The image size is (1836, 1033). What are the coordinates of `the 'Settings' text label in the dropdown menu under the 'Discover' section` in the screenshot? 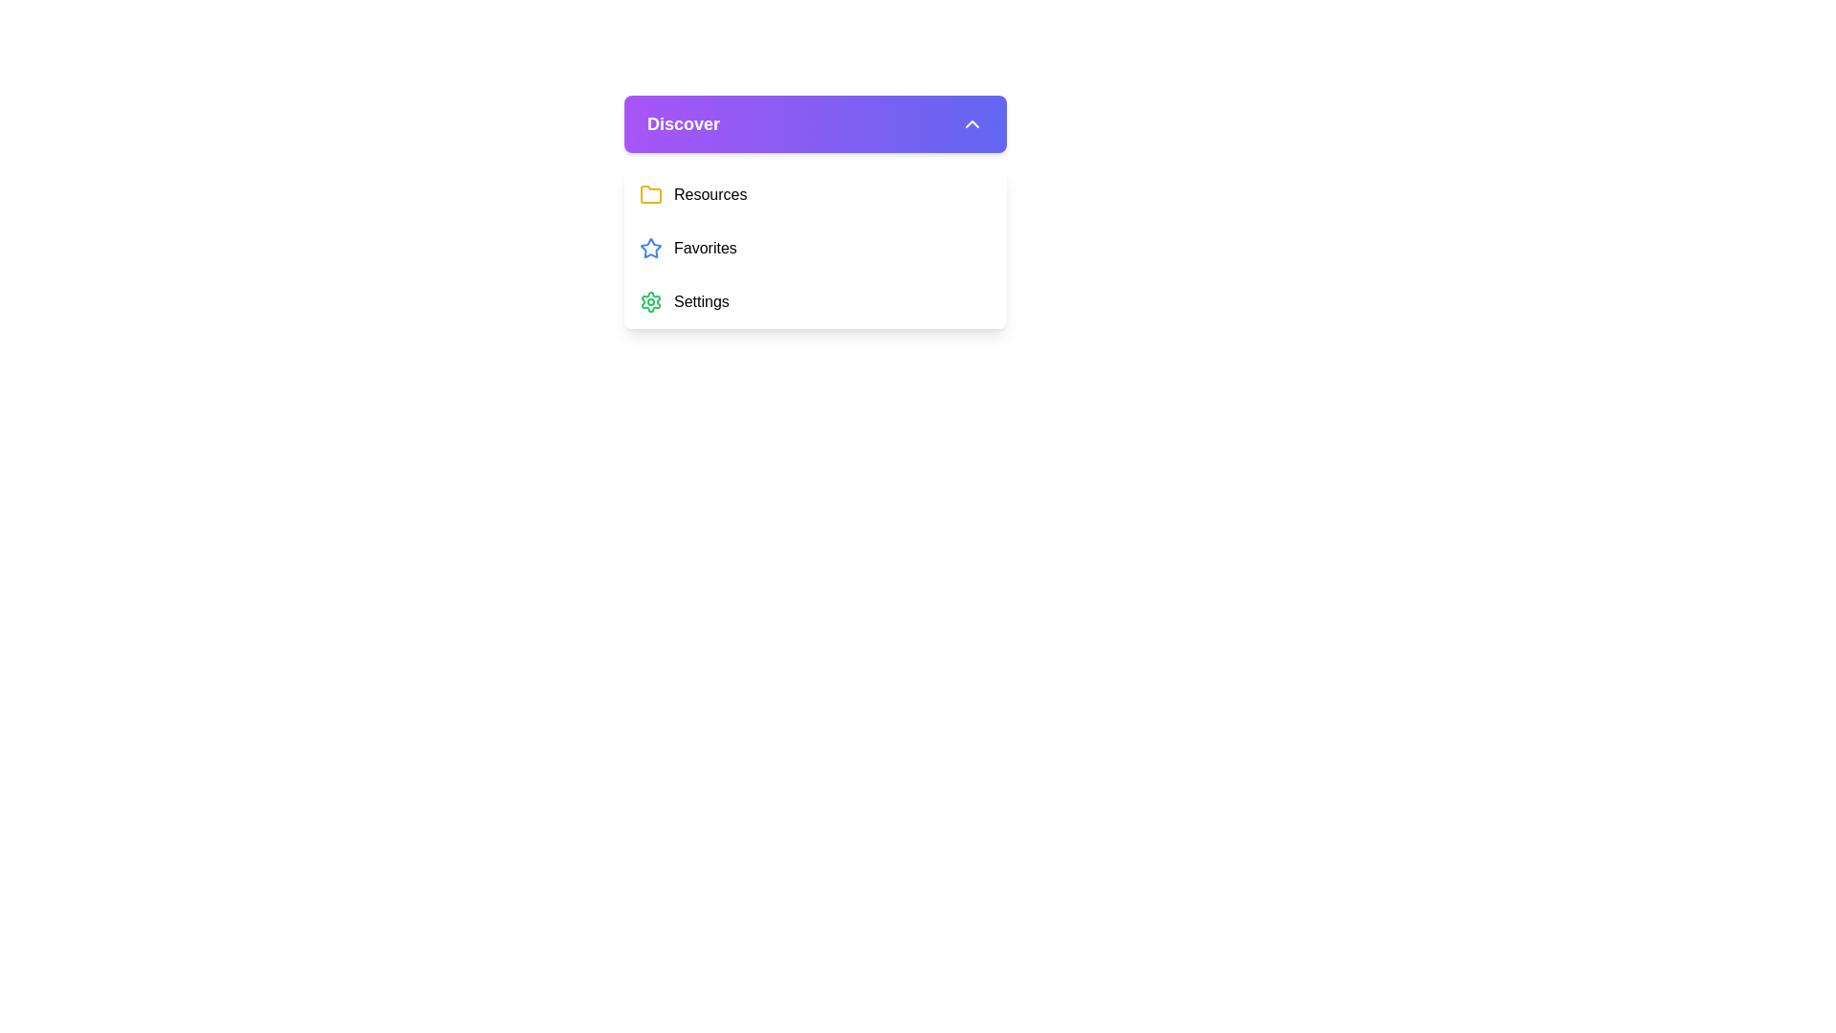 It's located at (700, 301).